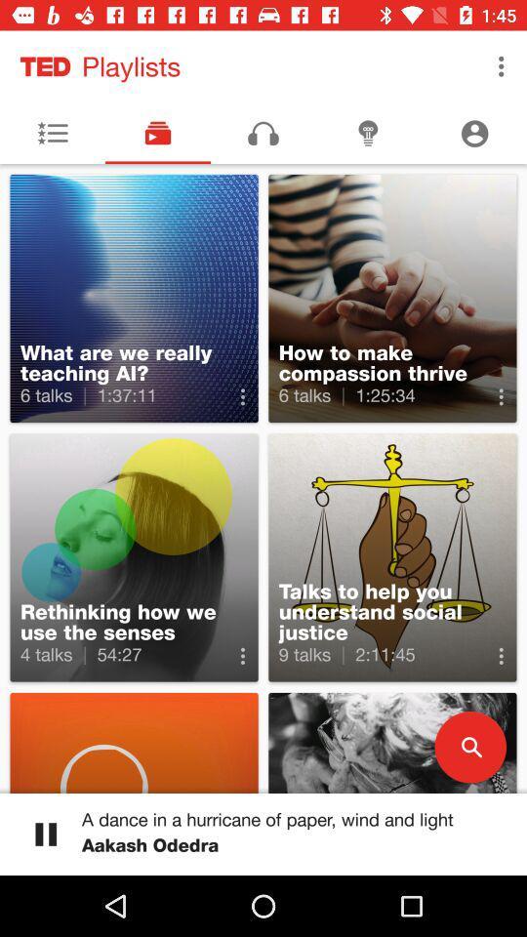 This screenshot has width=527, height=937. Describe the element at coordinates (469, 746) in the screenshot. I see `the search icon` at that location.